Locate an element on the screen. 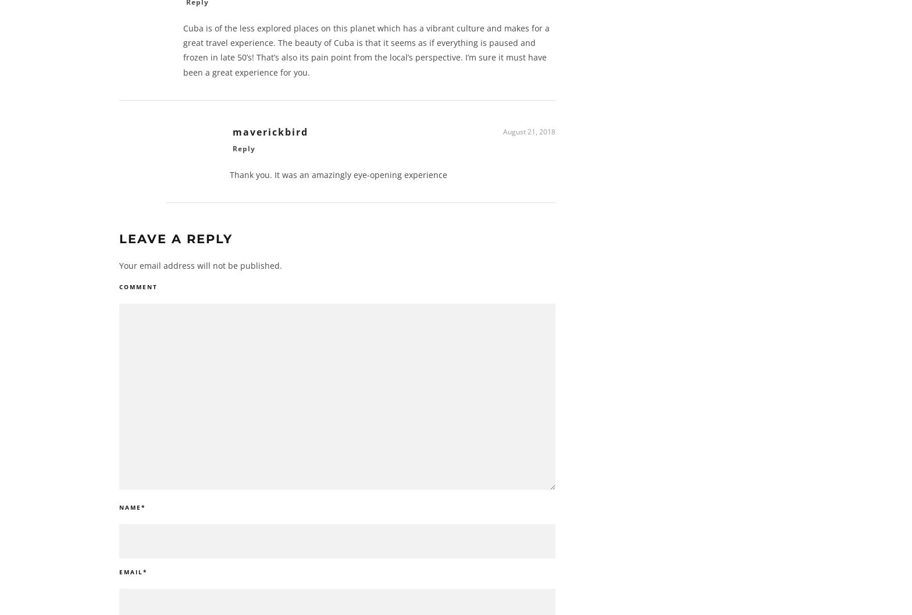  'Cuba is of the less explored places on this planet which has a vibrant culture and makes for a great travel experience. The beauty of Cuba is that it seems as if everything is paused and frozen in late 50’s! That’s also its pain point from the local’s perspective. I’m sure it must have been a great experience for you.' is located at coordinates (366, 54).